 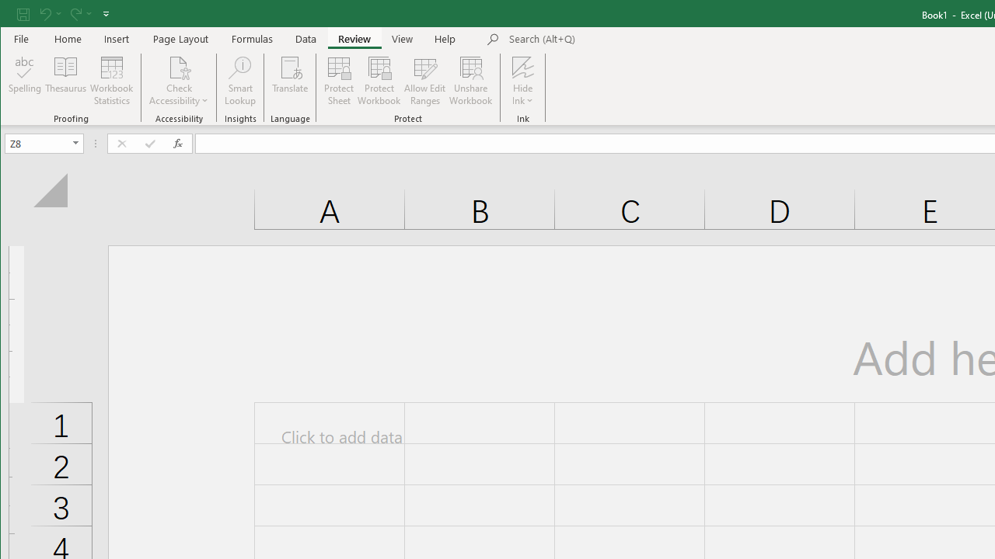 What do you see at coordinates (111, 81) in the screenshot?
I see `'Workbook Statistics'` at bounding box center [111, 81].